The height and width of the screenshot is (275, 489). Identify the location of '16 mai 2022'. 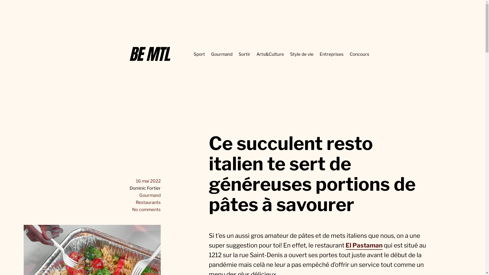
(148, 181).